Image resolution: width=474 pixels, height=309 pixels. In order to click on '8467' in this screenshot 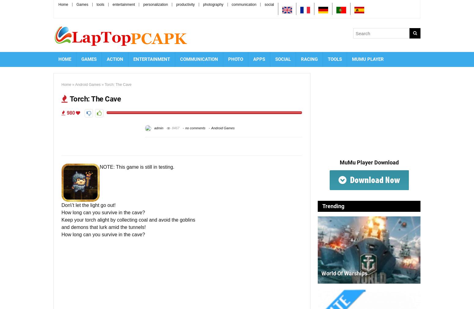, I will do `click(175, 127)`.